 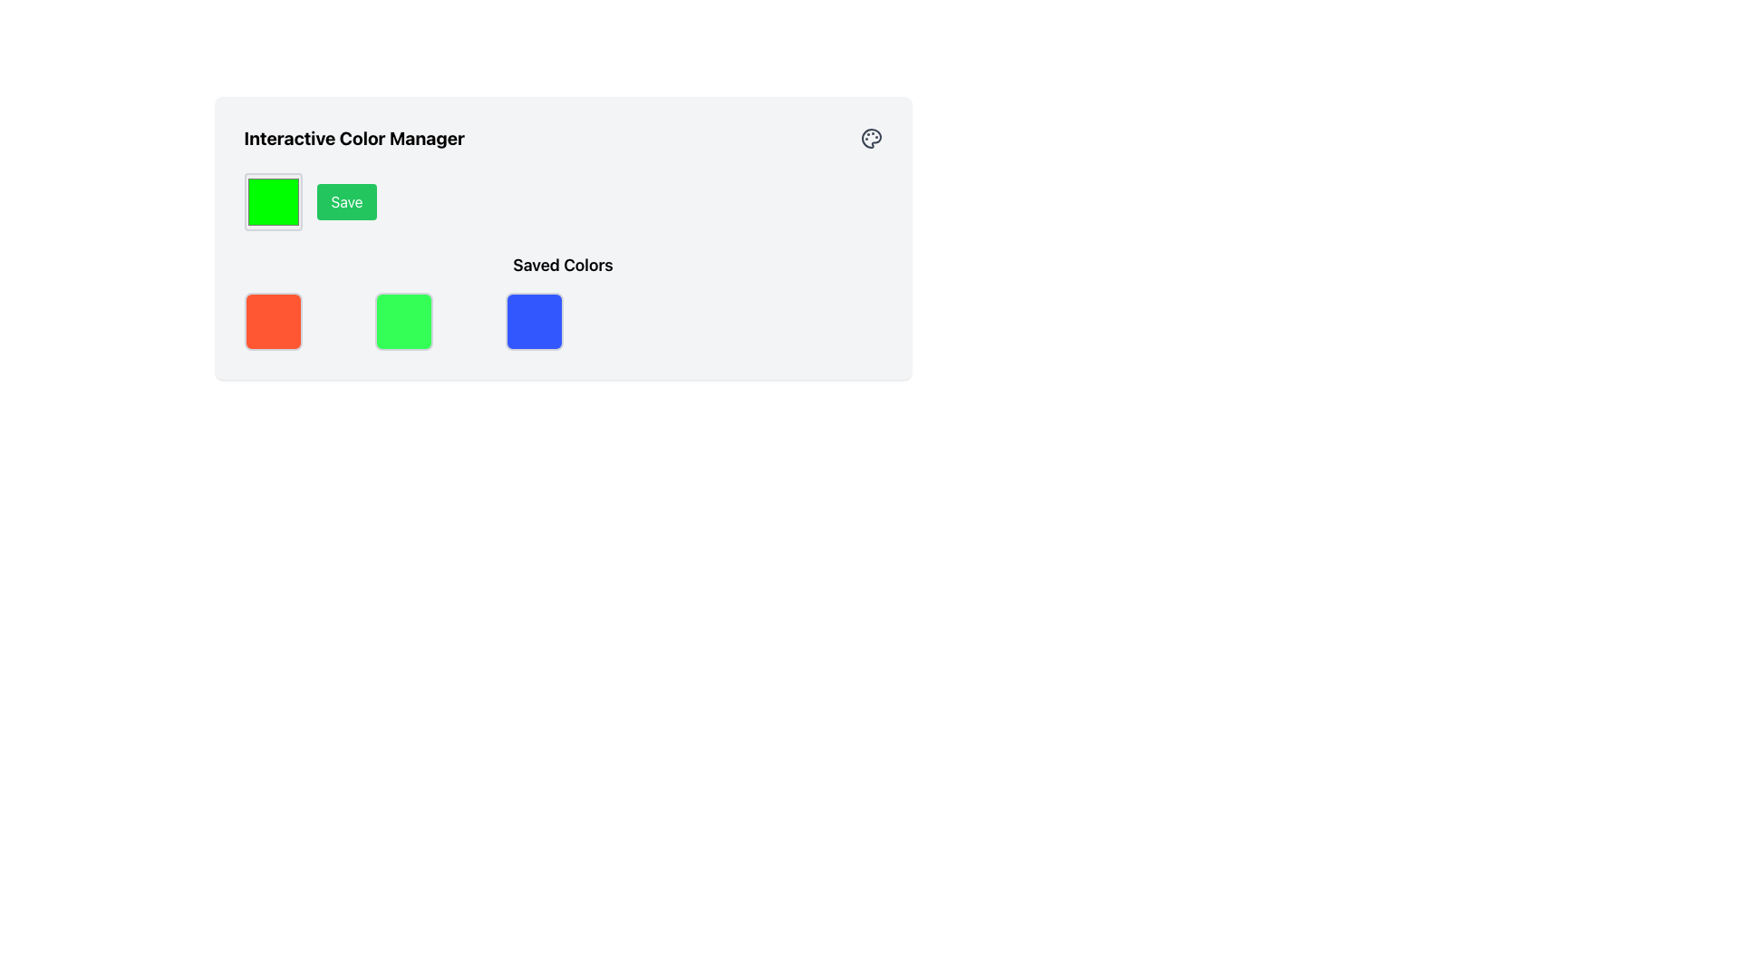 I want to click on the bright green colored square button with a rounded border located in the 'Saved Colors' section, second from the left in the lower row, so click(x=402, y=320).